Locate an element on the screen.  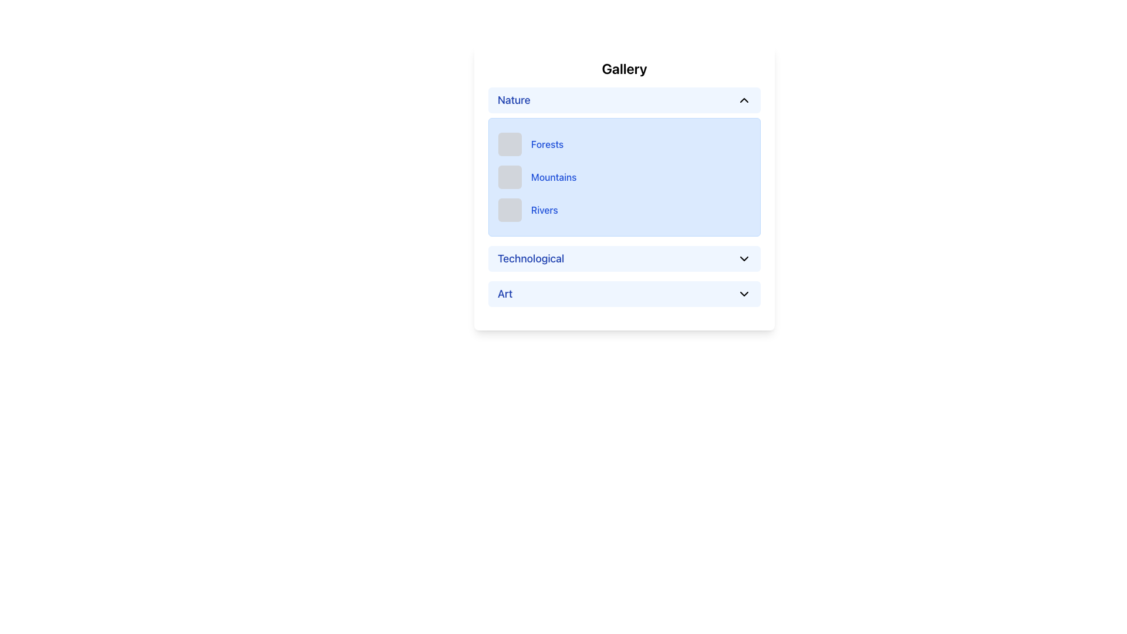
the third item is located at coordinates (624, 210).